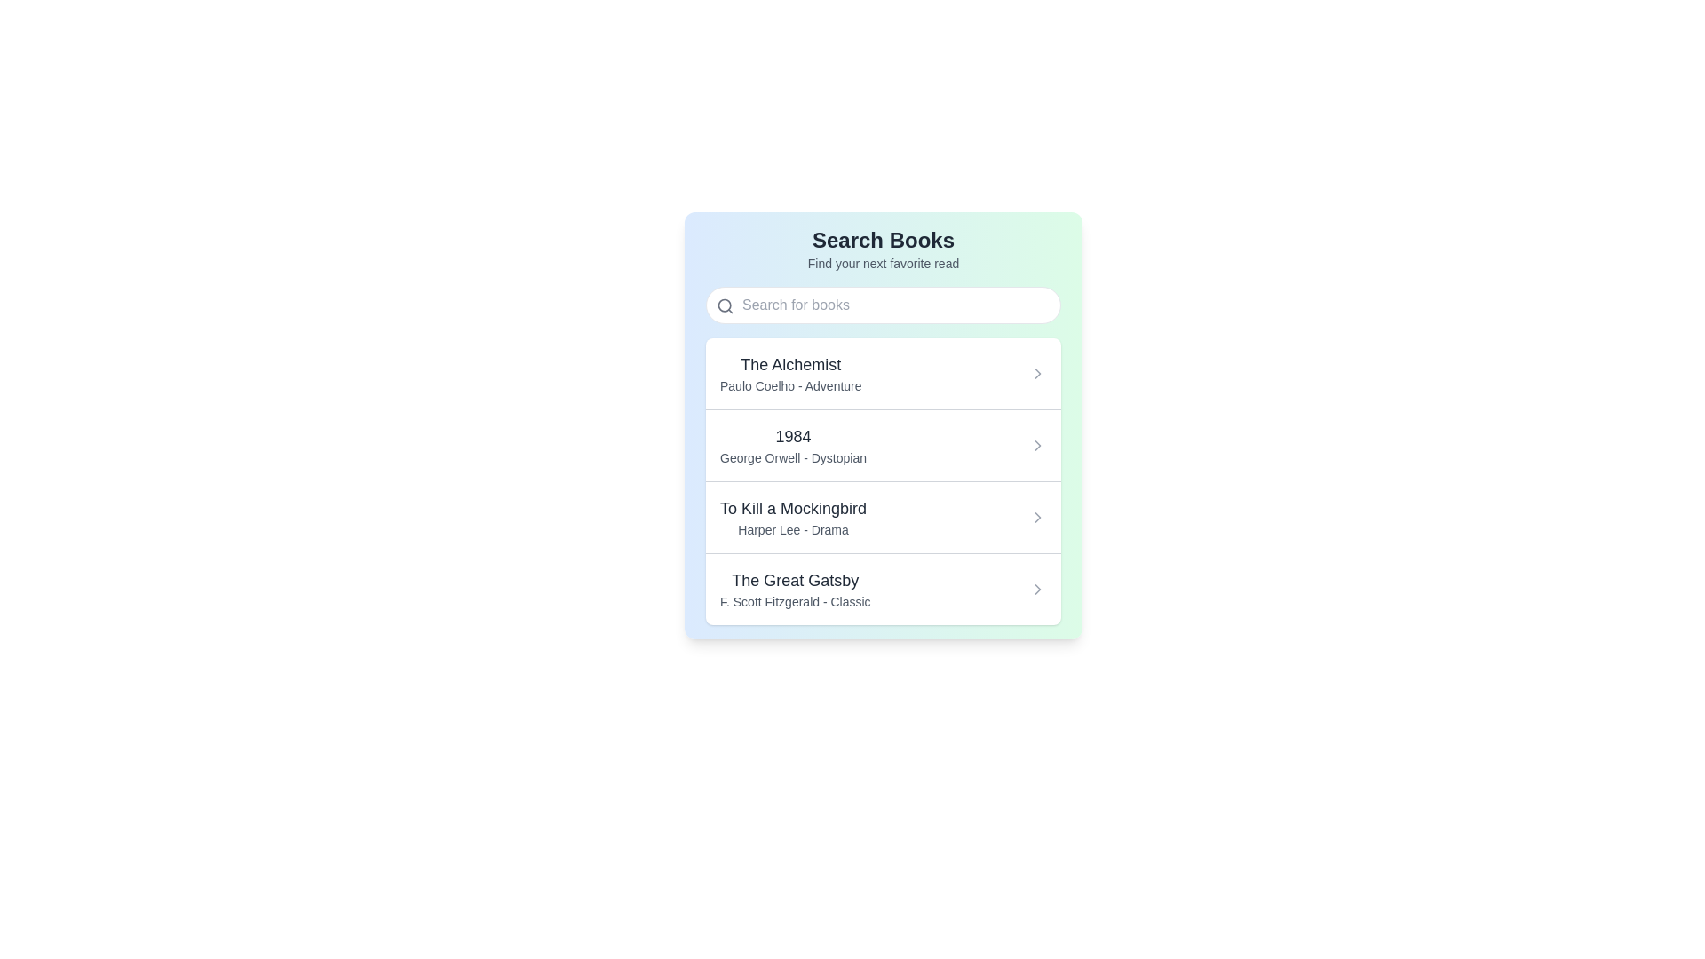 The height and width of the screenshot is (959, 1705). Describe the element at coordinates (1038, 444) in the screenshot. I see `the small right-pointing chevron icon located at the far right of the list item labeled '1984 George Orwell - Dystopian'` at that location.